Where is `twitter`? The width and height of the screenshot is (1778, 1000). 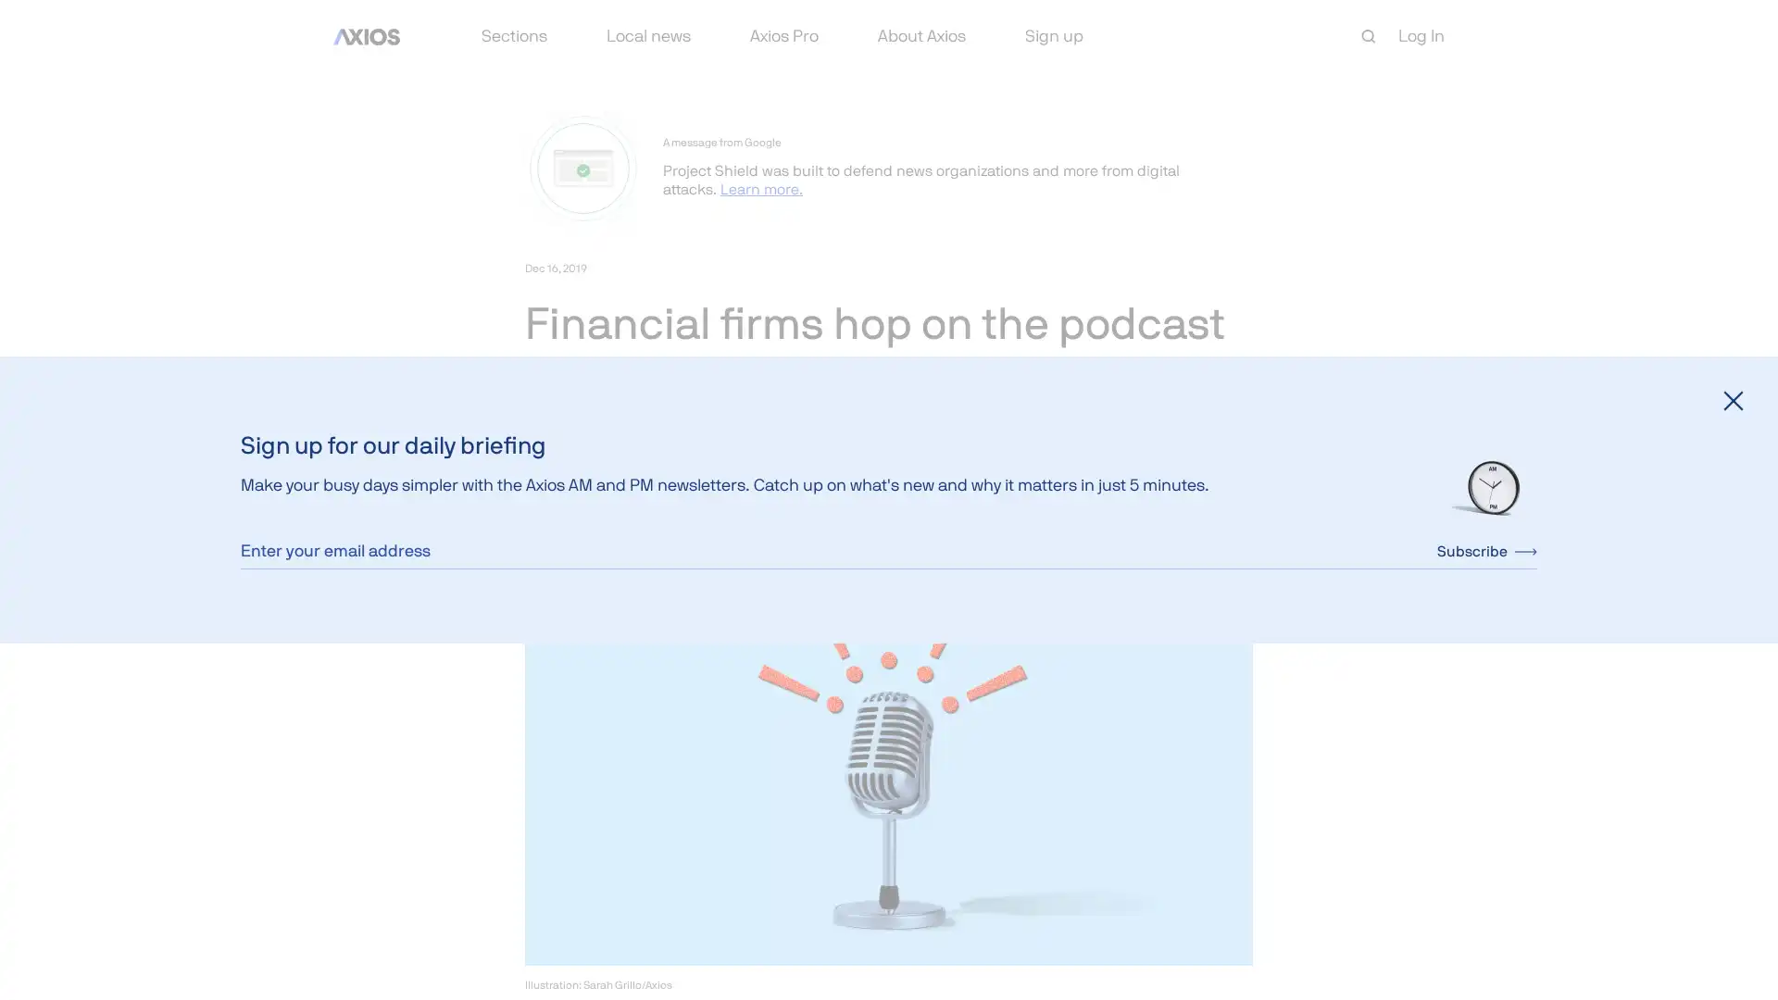
twitter is located at coordinates (582, 503).